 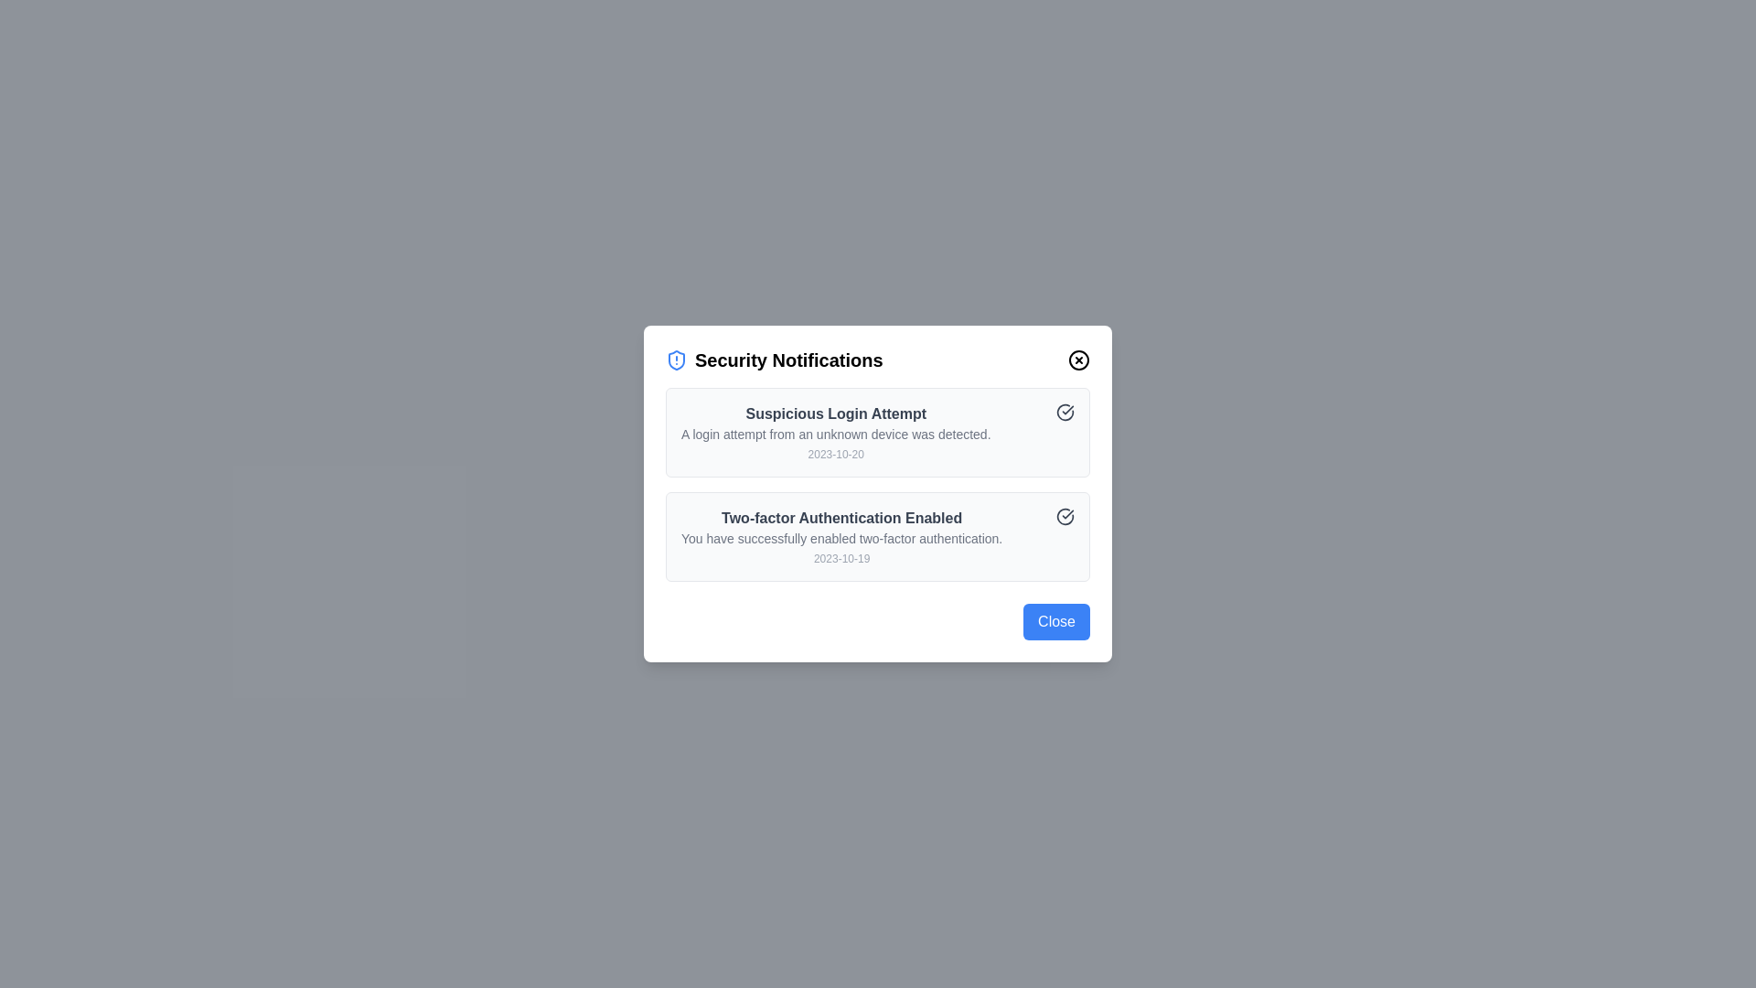 What do you see at coordinates (841, 519) in the screenshot?
I see `text of the title label indicating the status of enabling two-factor authentication, which is centrally aligned within the notification card` at bounding box center [841, 519].